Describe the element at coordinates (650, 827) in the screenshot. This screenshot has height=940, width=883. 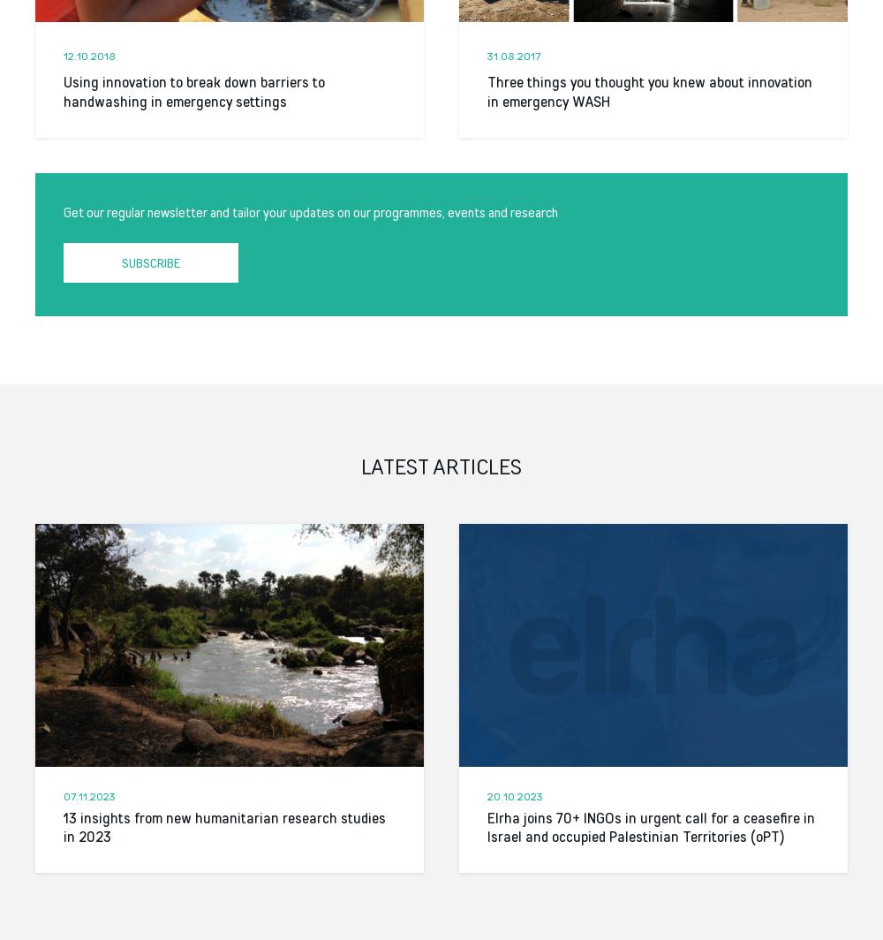
I see `'Elrha joins 70+ INGOs in urgent call for a ceasefire in Israel and occupied Palestinian Territories (oPT)'` at that location.